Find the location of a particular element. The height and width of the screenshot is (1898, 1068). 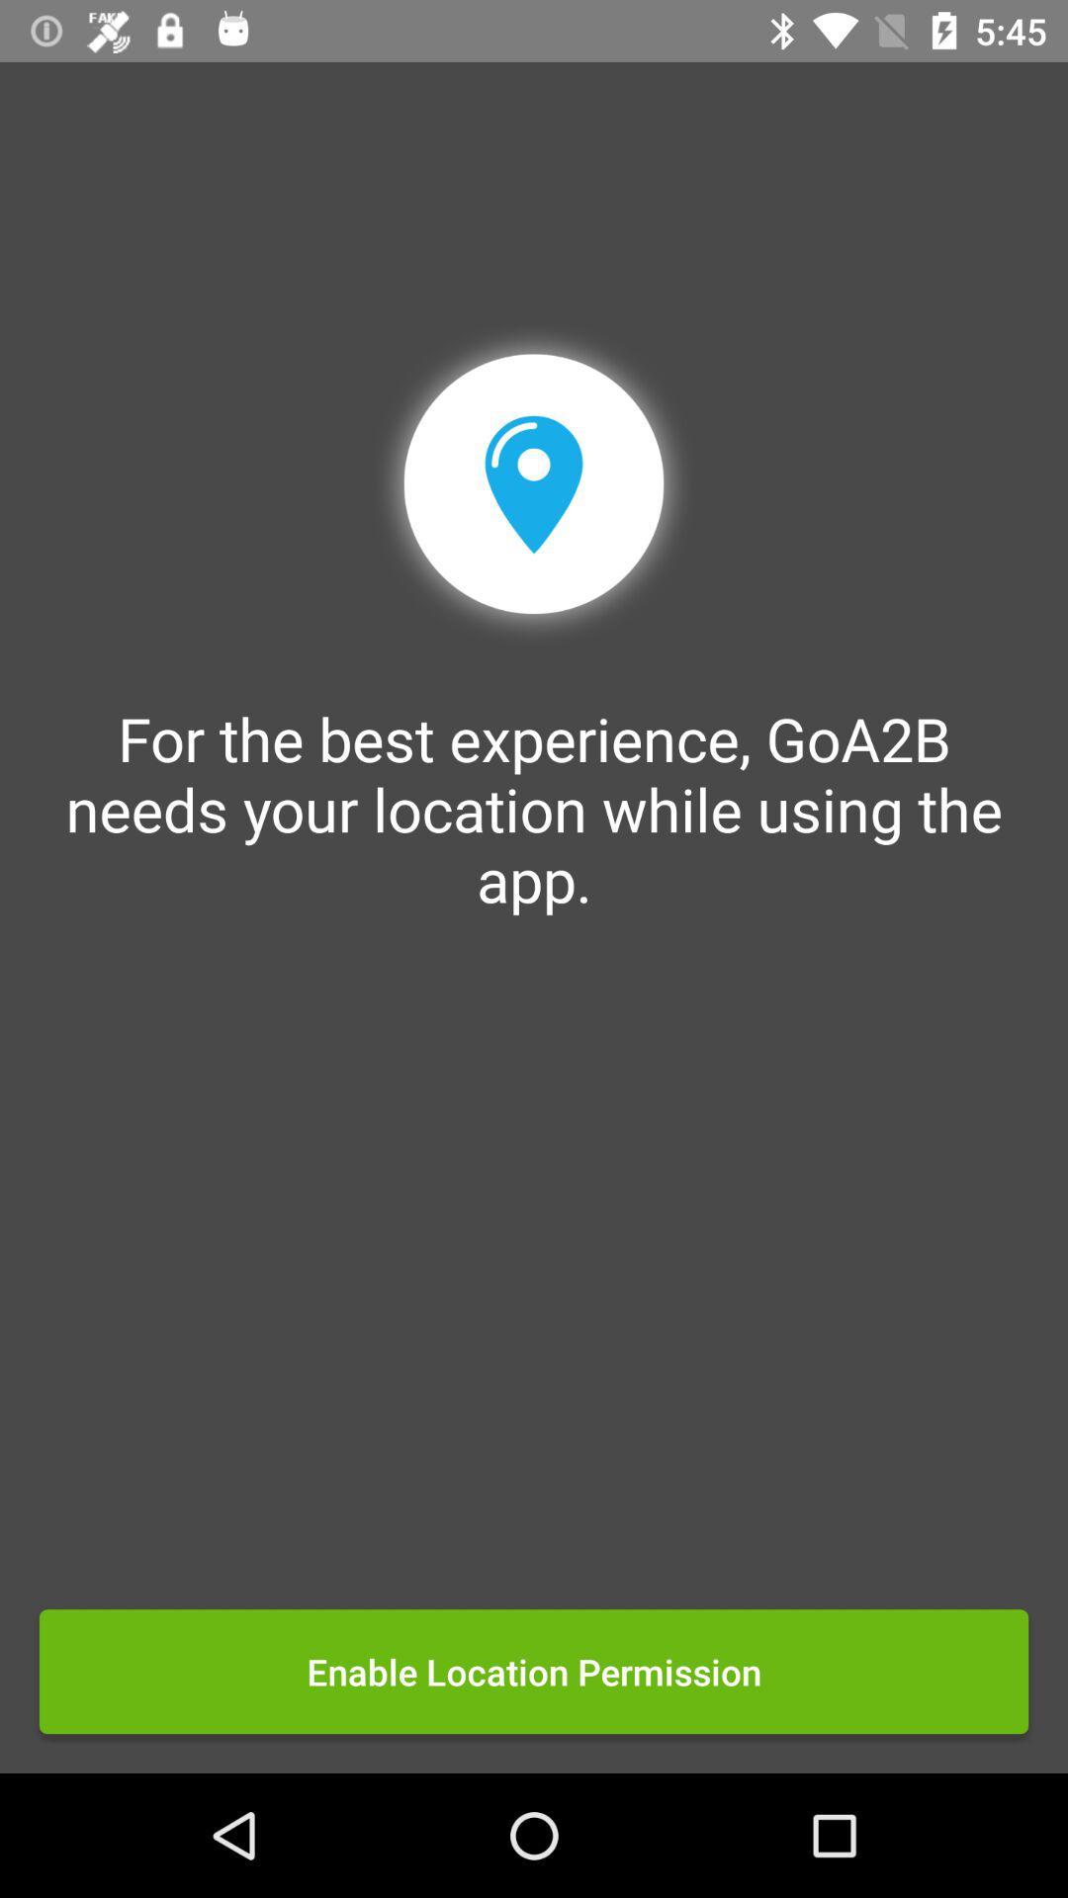

enable location permission is located at coordinates (534, 1671).